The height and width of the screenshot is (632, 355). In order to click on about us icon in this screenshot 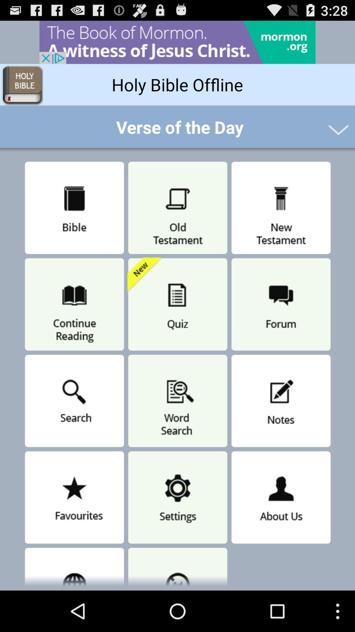, I will do `click(281, 497)`.